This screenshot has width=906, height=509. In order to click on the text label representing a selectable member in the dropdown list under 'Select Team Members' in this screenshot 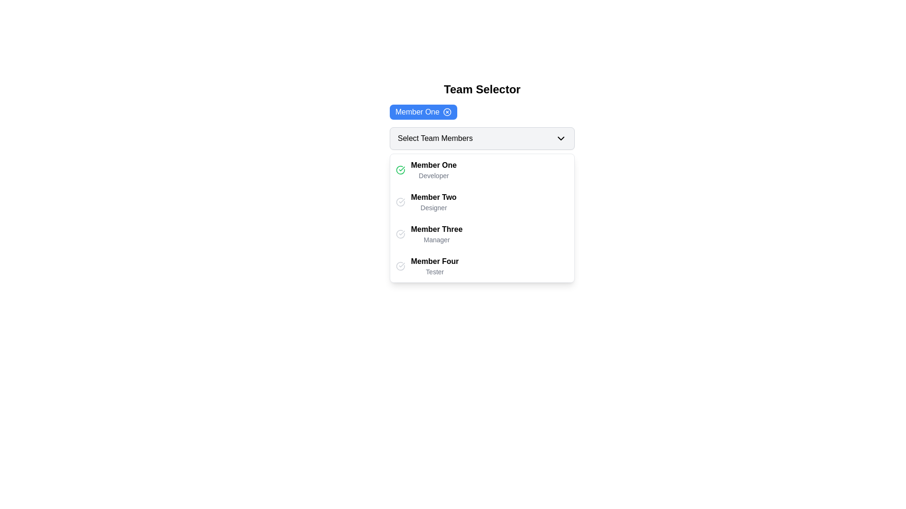, I will do `click(433, 164)`.